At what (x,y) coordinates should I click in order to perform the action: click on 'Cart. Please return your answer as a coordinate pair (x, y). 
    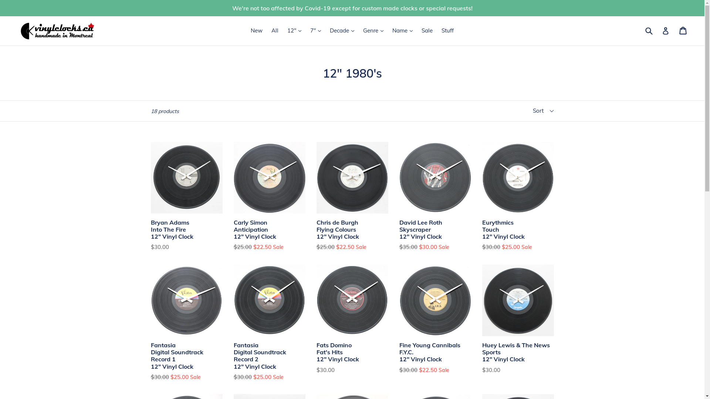
    Looking at the image, I should click on (683, 30).